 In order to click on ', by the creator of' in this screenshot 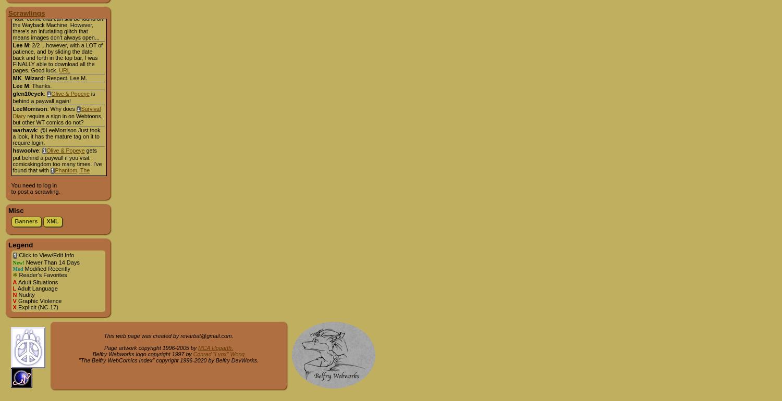, I will do `click(81, 4)`.